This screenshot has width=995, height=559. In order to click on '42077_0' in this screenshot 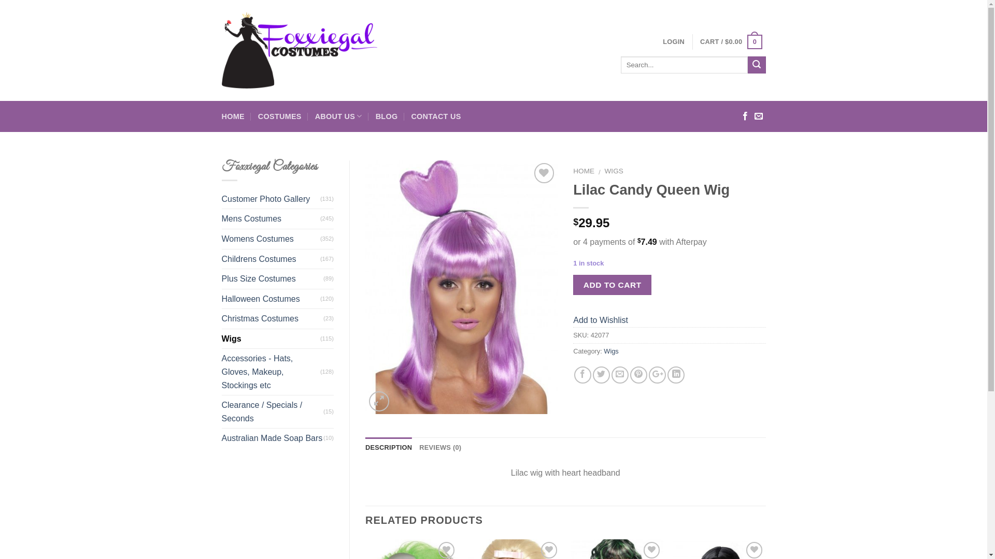, I will do `click(461, 287)`.